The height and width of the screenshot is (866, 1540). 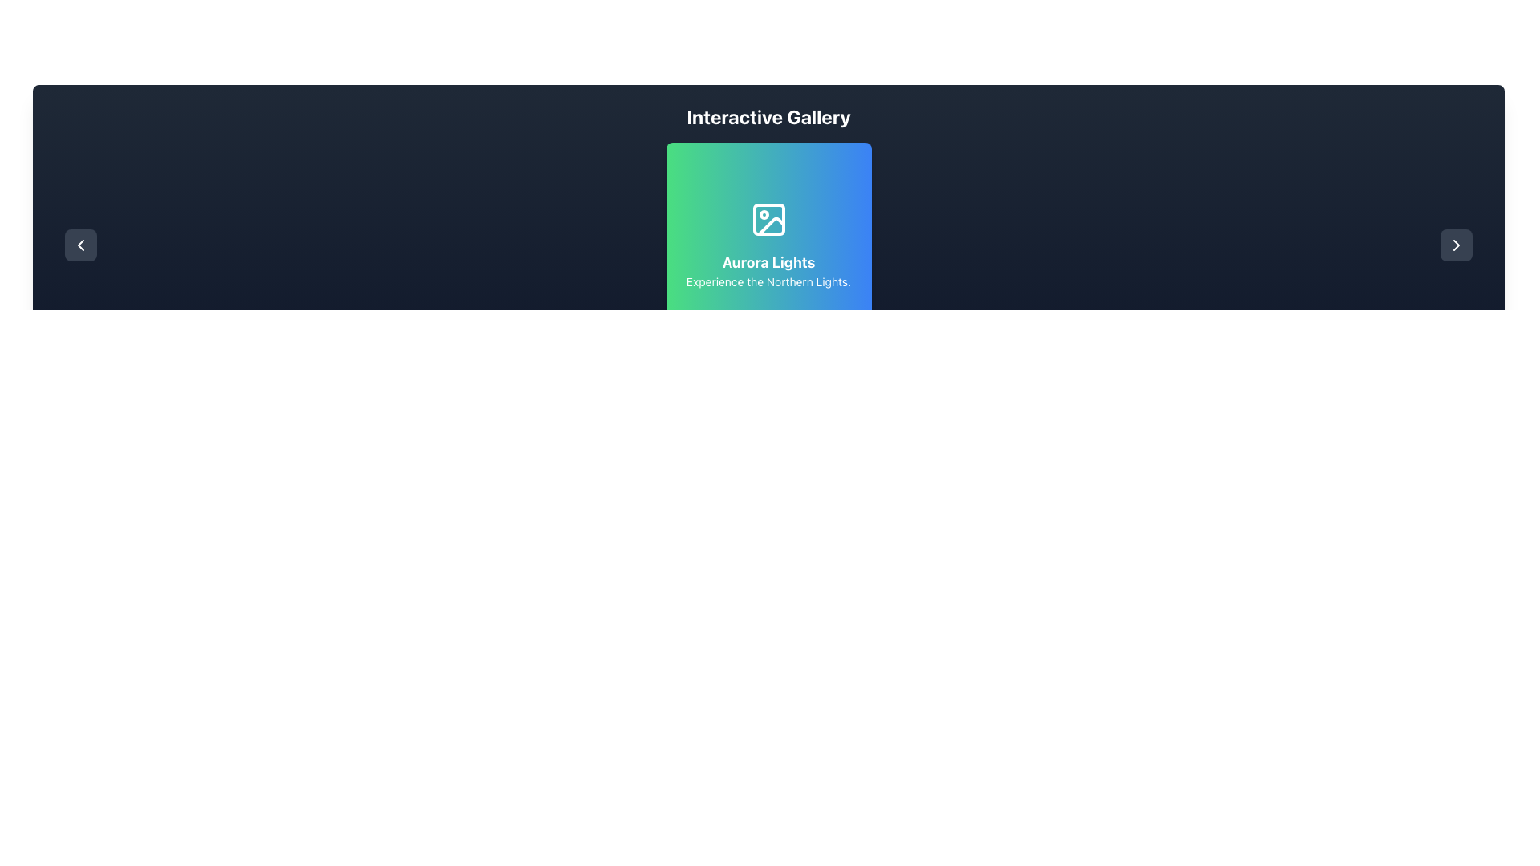 I want to click on the chevron-shaped navigation control located at the left end of the dark header section, which allows users to move left or backward in a sequence, so click(x=79, y=245).